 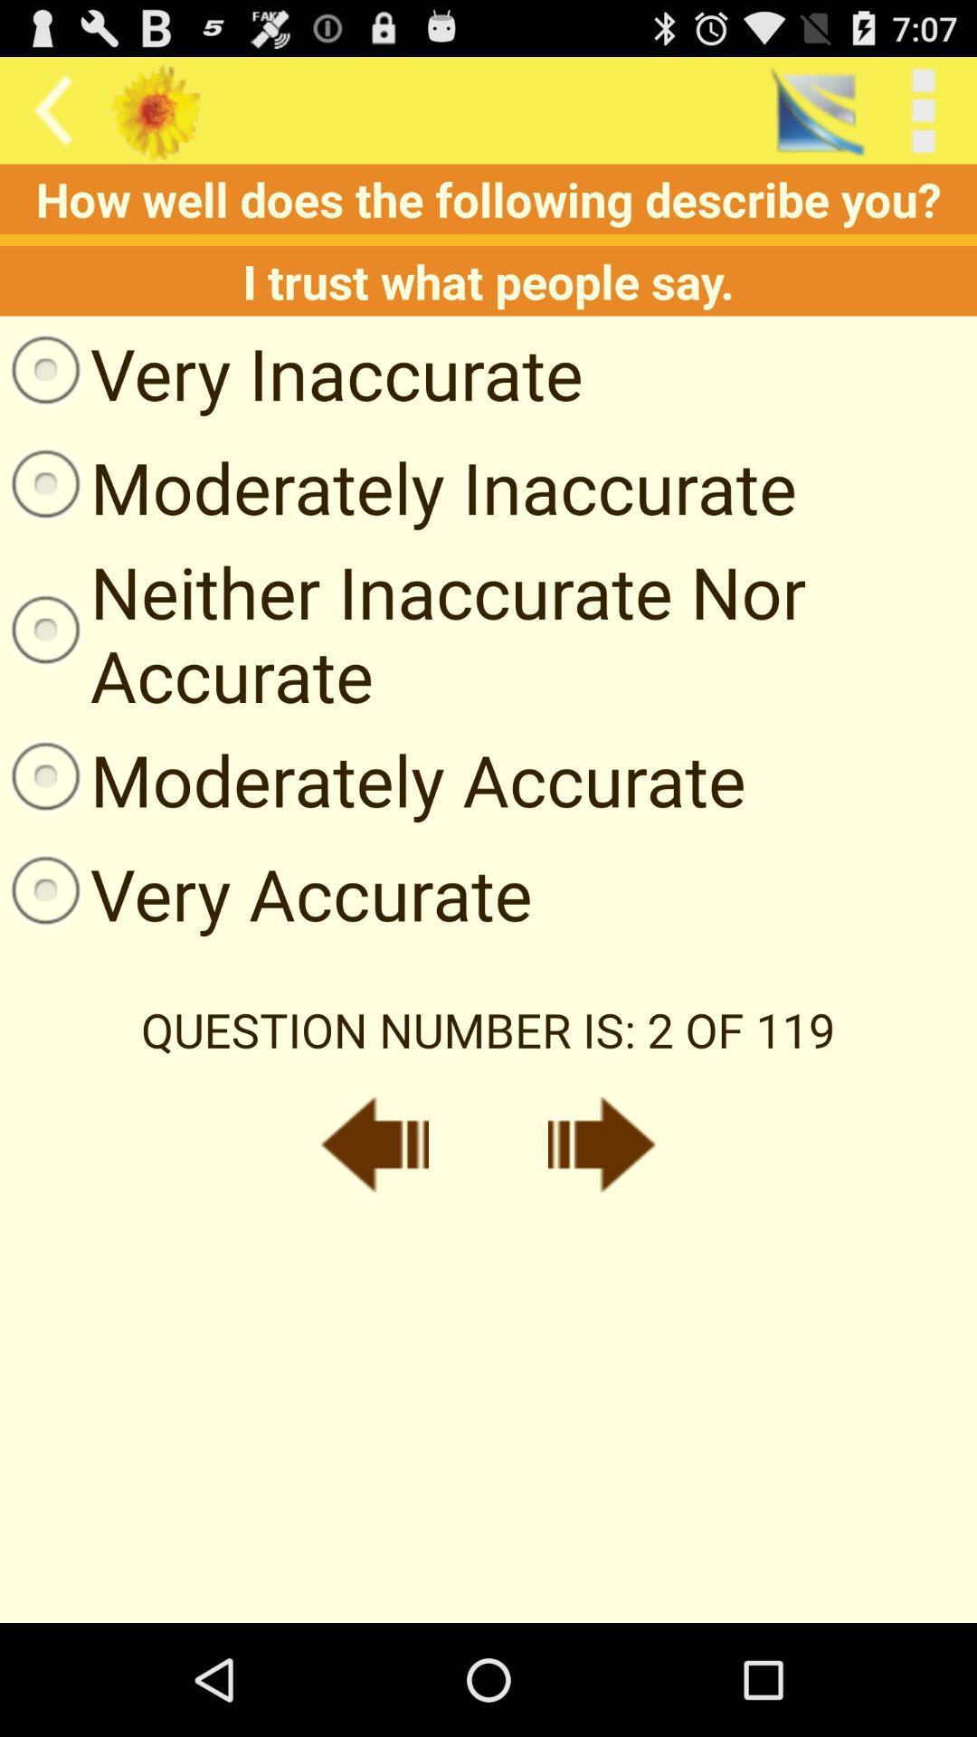 I want to click on the next question, so click(x=602, y=1144).